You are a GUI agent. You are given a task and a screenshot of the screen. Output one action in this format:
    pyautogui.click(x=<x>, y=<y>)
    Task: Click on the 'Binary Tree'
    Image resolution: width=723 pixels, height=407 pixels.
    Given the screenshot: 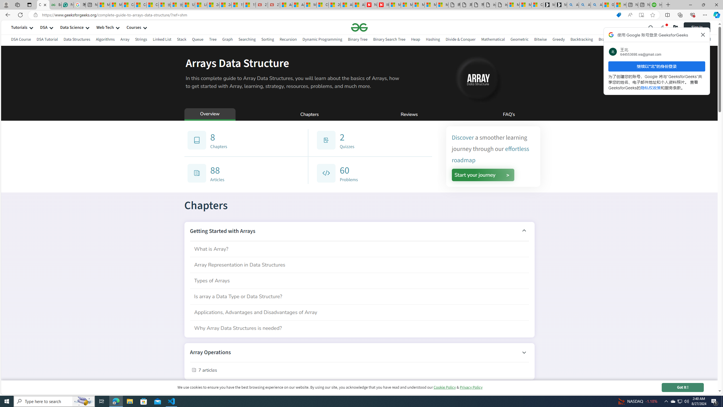 What is the action you would take?
    pyautogui.click(x=357, y=39)
    